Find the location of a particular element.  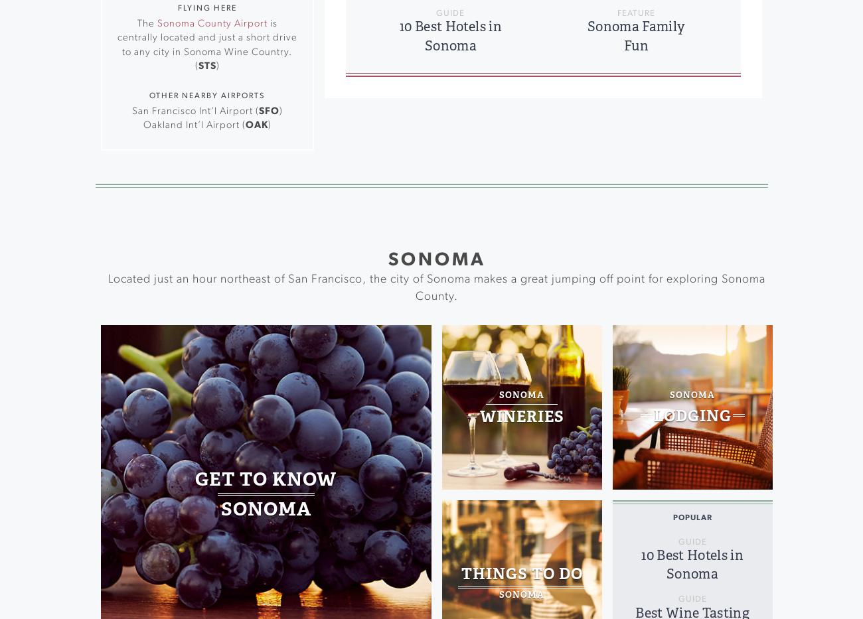

'Site Map' is located at coordinates (489, 126).